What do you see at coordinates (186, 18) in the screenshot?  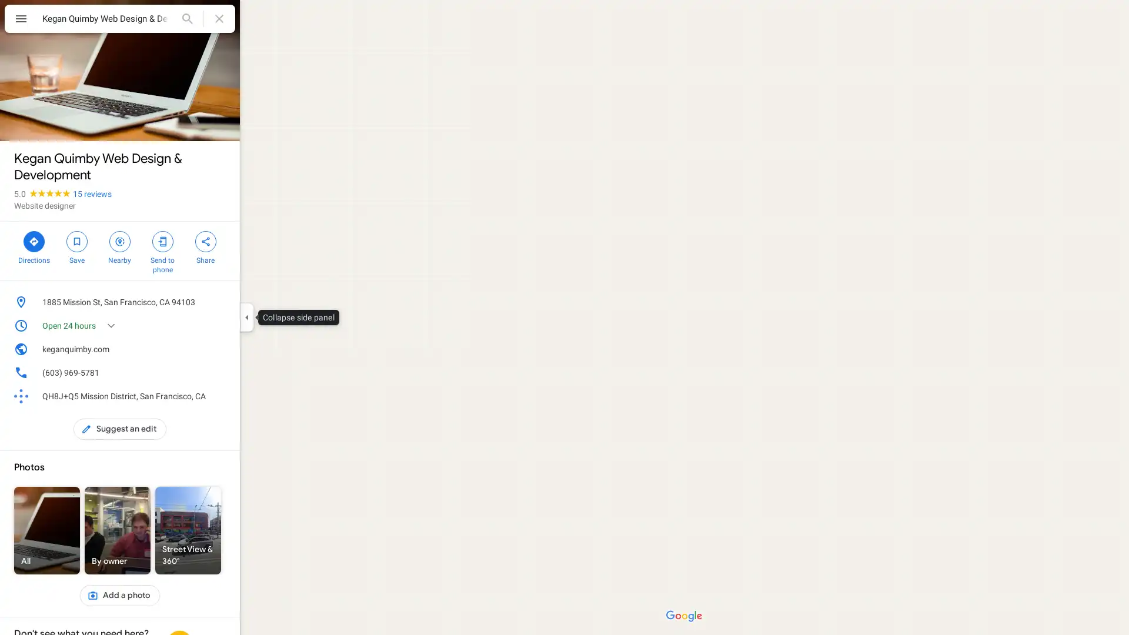 I see `Search` at bounding box center [186, 18].